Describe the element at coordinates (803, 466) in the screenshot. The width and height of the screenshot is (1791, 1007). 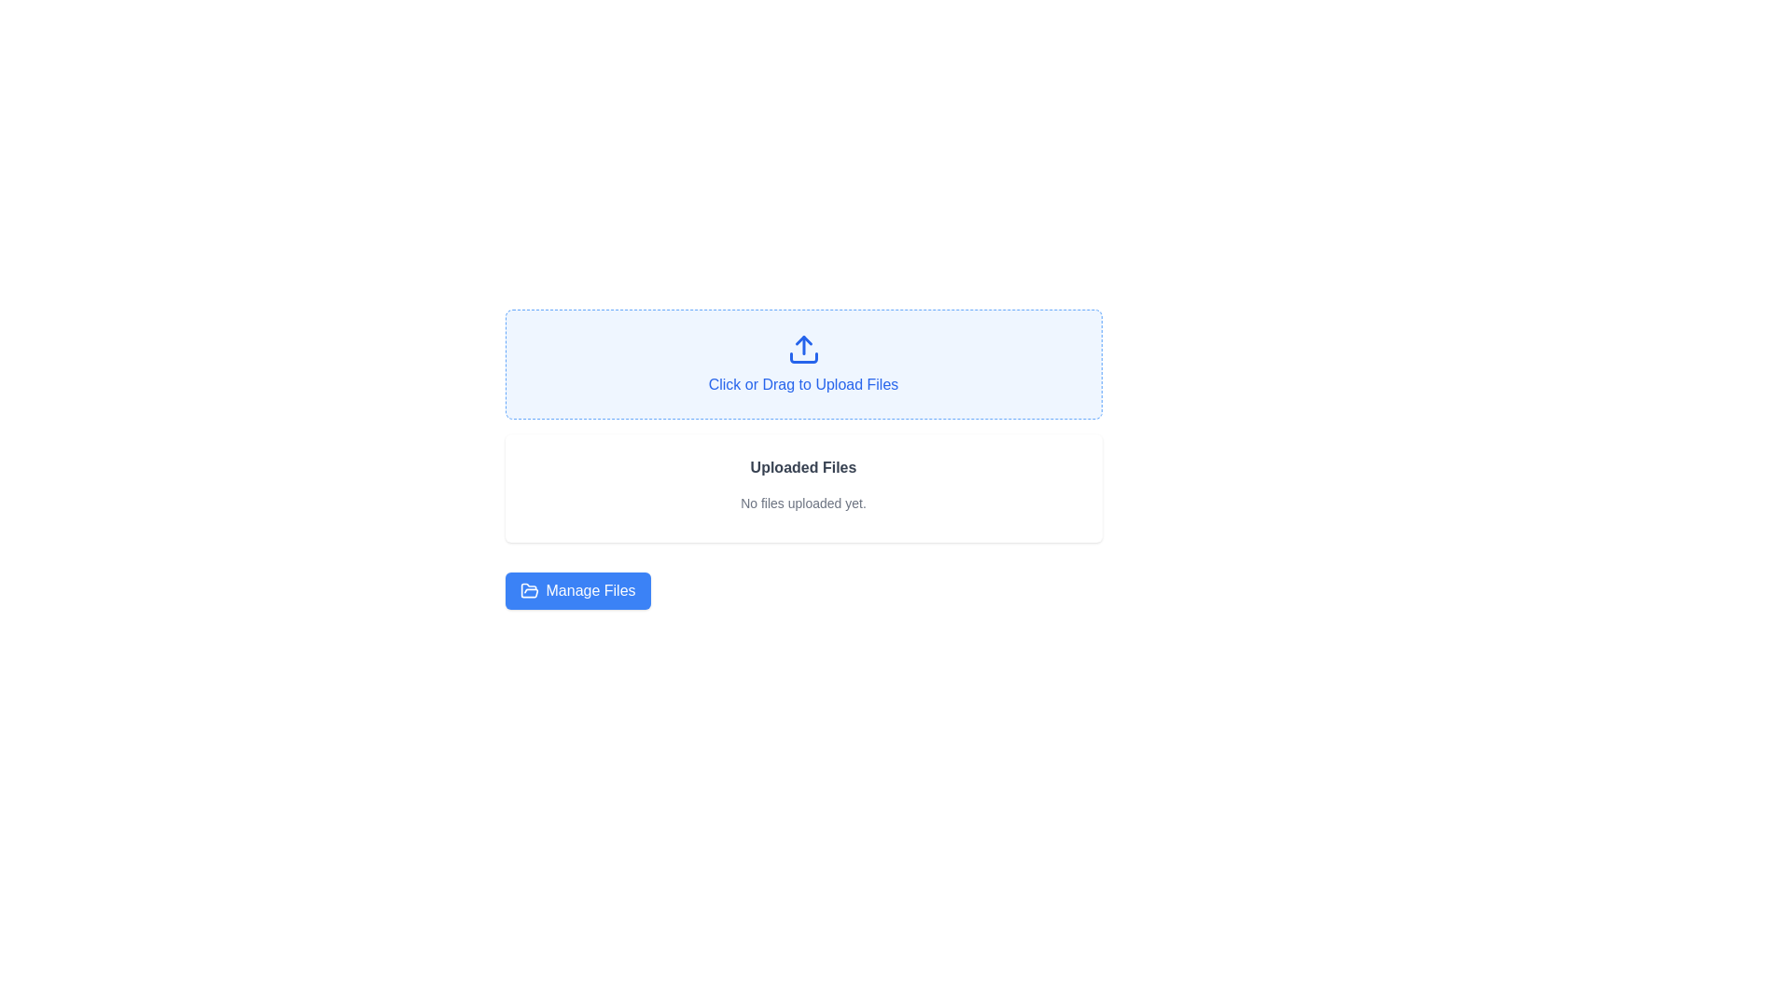
I see `Text label indicating the section's content concerning uploaded files, positioned above the text 'No files uploaded yet.'` at that location.